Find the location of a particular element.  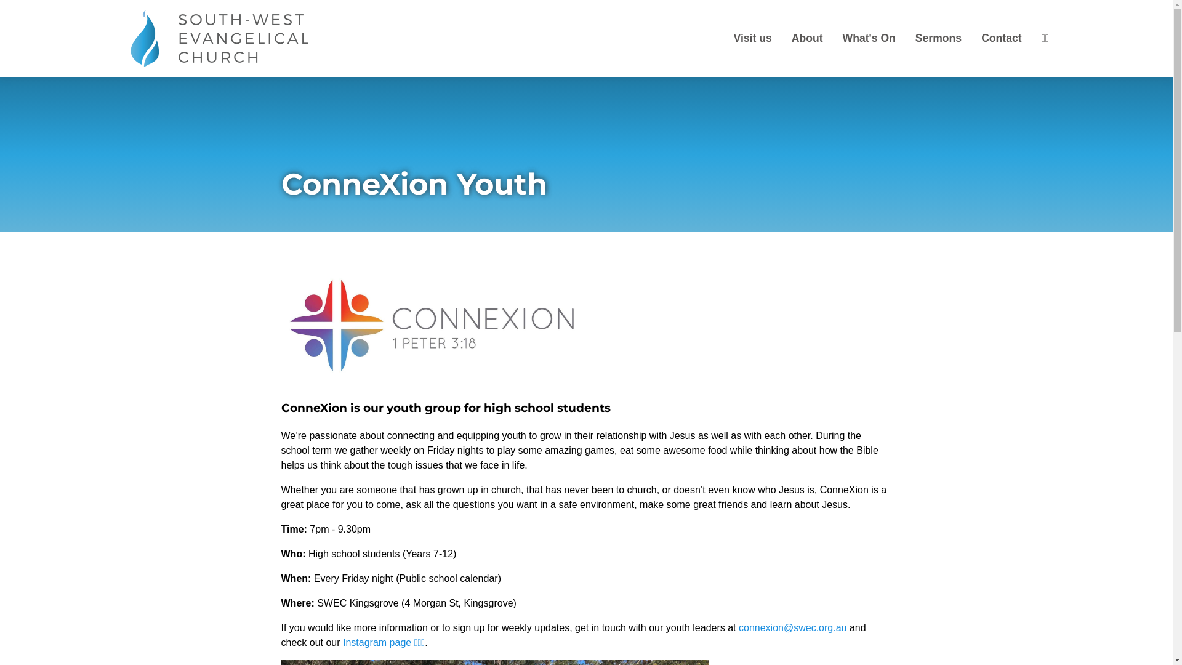

'Sermons' is located at coordinates (938, 37).